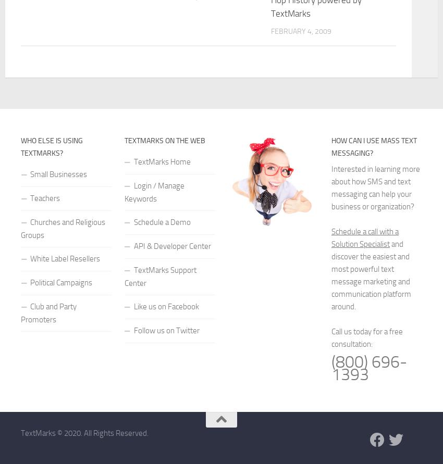  What do you see at coordinates (153, 192) in the screenshot?
I see `'Login / Manage Keywords'` at bounding box center [153, 192].